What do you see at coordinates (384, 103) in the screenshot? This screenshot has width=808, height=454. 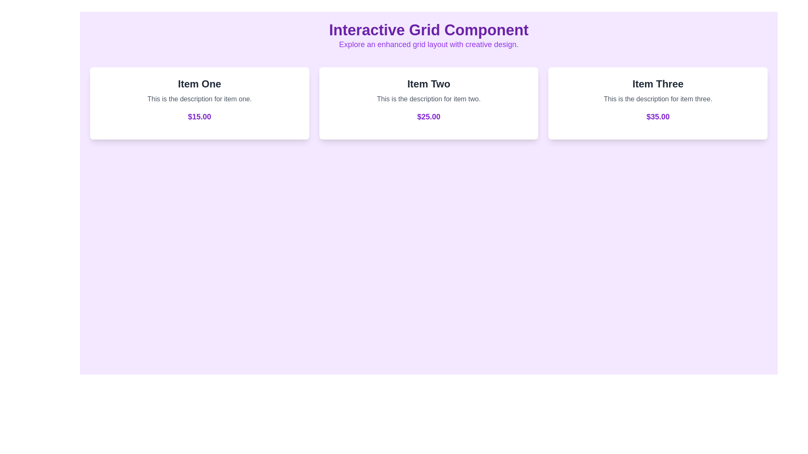 I see `the small checkmark icon located within the second card titled 'Item Two' in the grid layout, positioned near the top left of the card content area` at bounding box center [384, 103].